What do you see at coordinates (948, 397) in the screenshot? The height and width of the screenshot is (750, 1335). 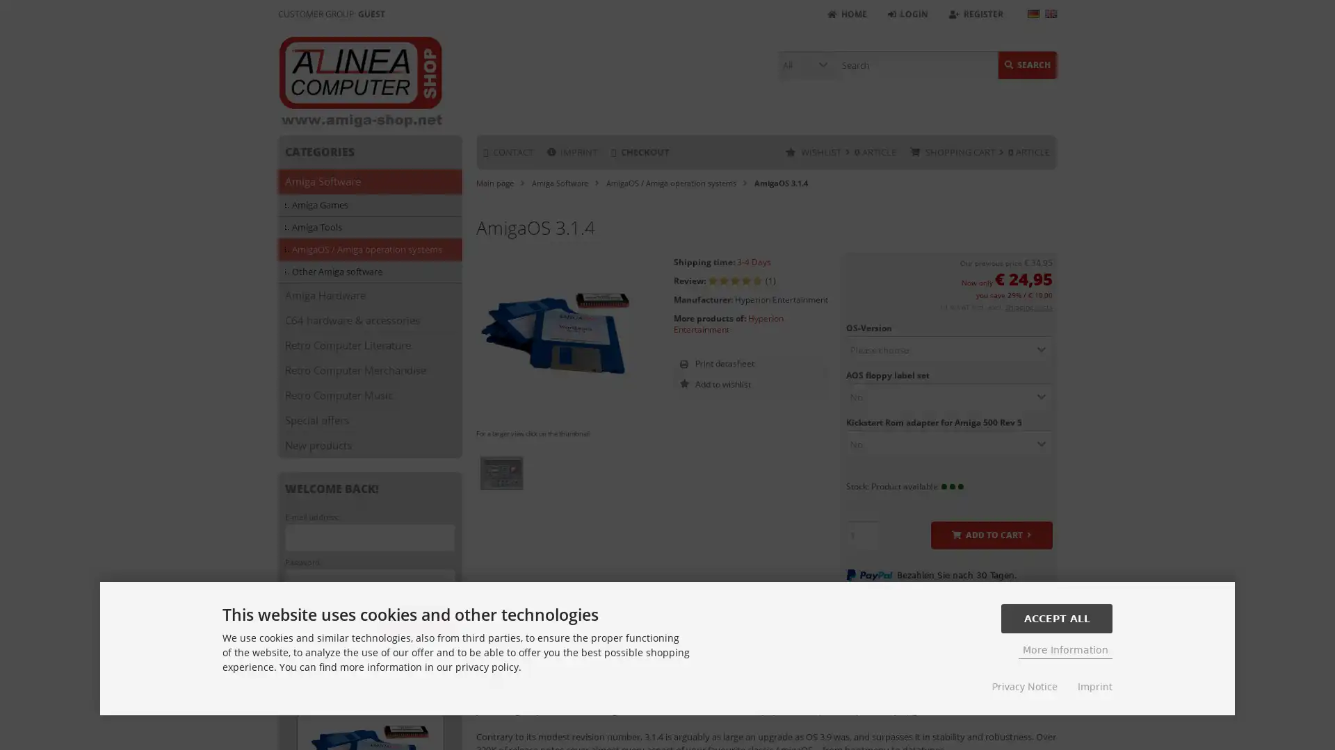 I see `No No` at bounding box center [948, 397].